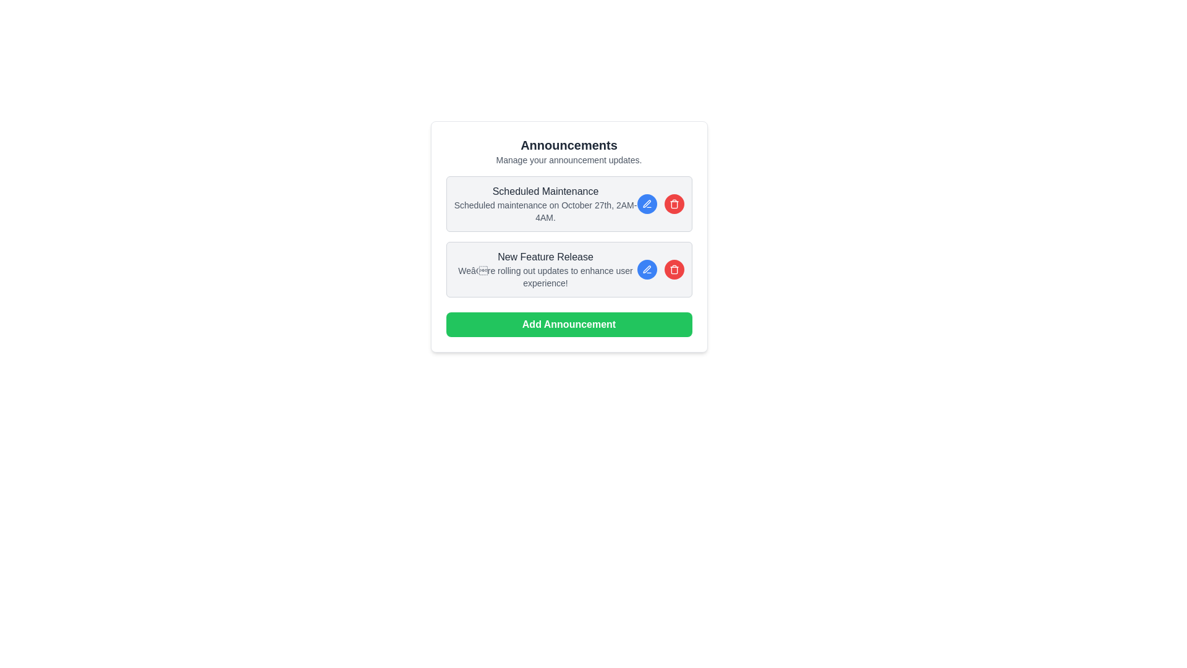  I want to click on the circular red button with a white trash can icon in the 'Announcements' section, specifically in the second row labeled 'New Feature Release', so click(673, 268).